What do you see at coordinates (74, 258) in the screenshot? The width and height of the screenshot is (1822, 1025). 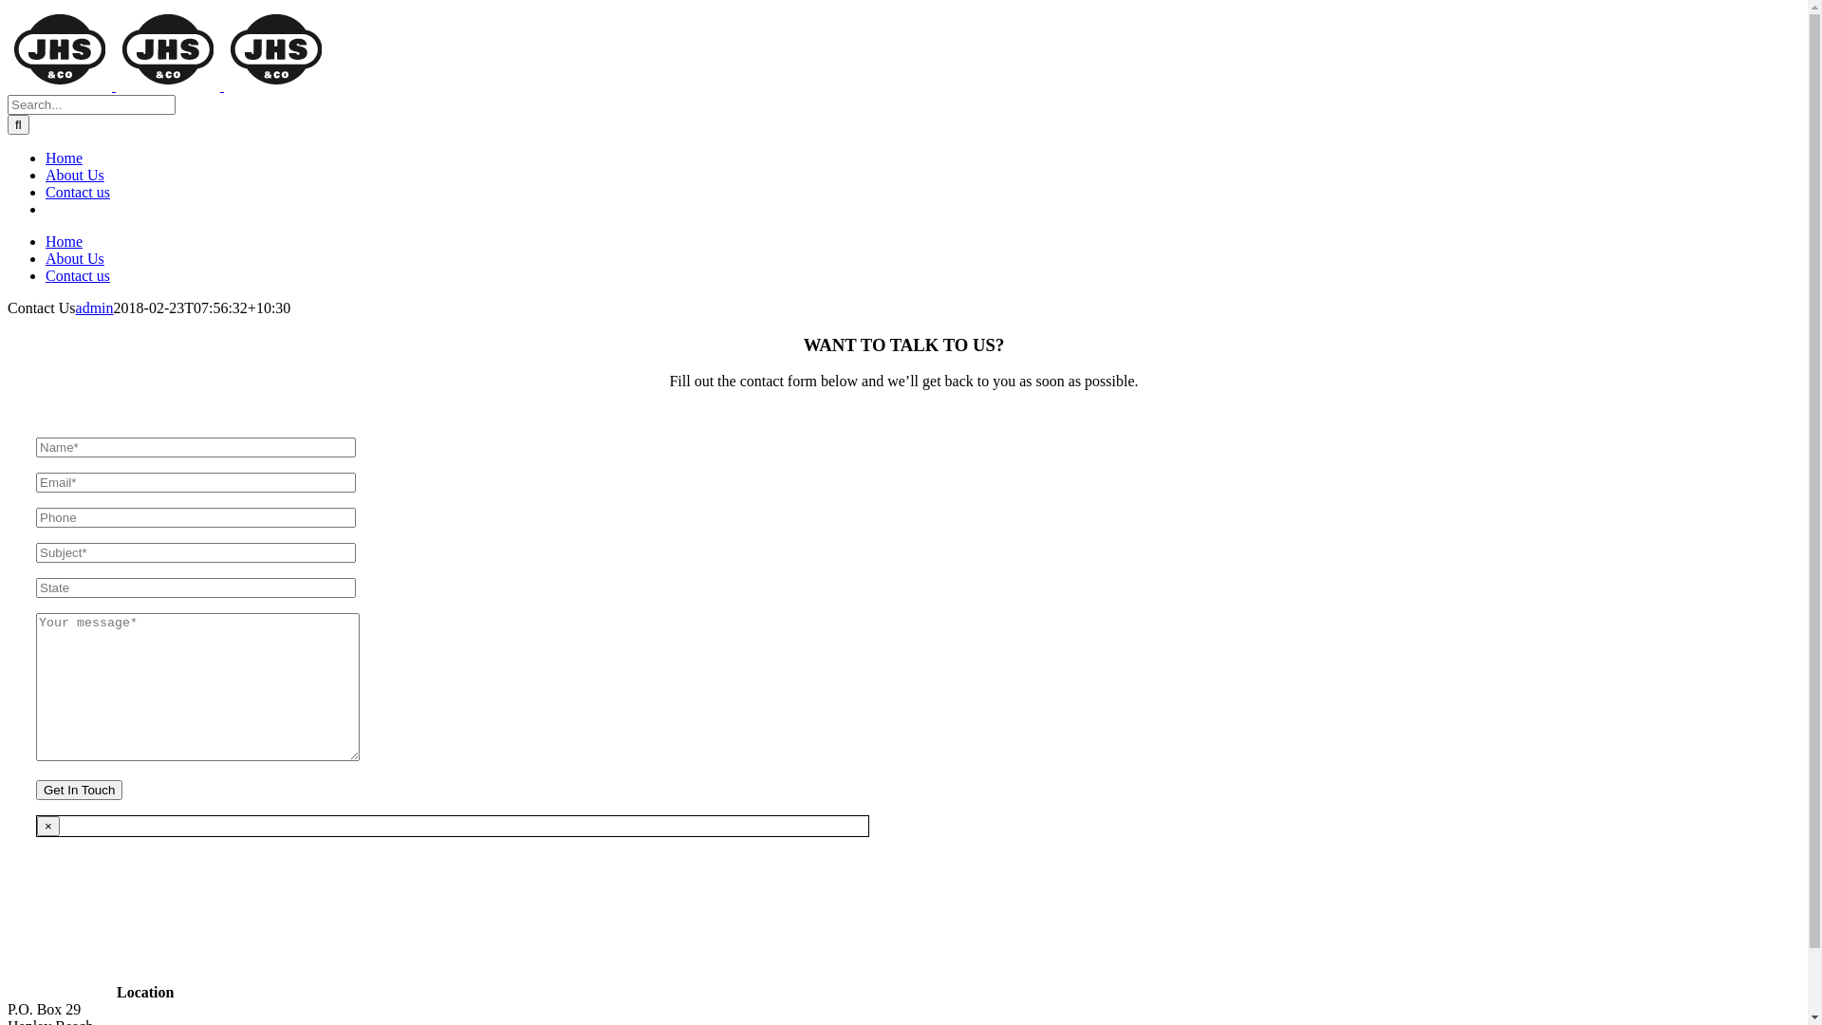 I see `'About Us'` at bounding box center [74, 258].